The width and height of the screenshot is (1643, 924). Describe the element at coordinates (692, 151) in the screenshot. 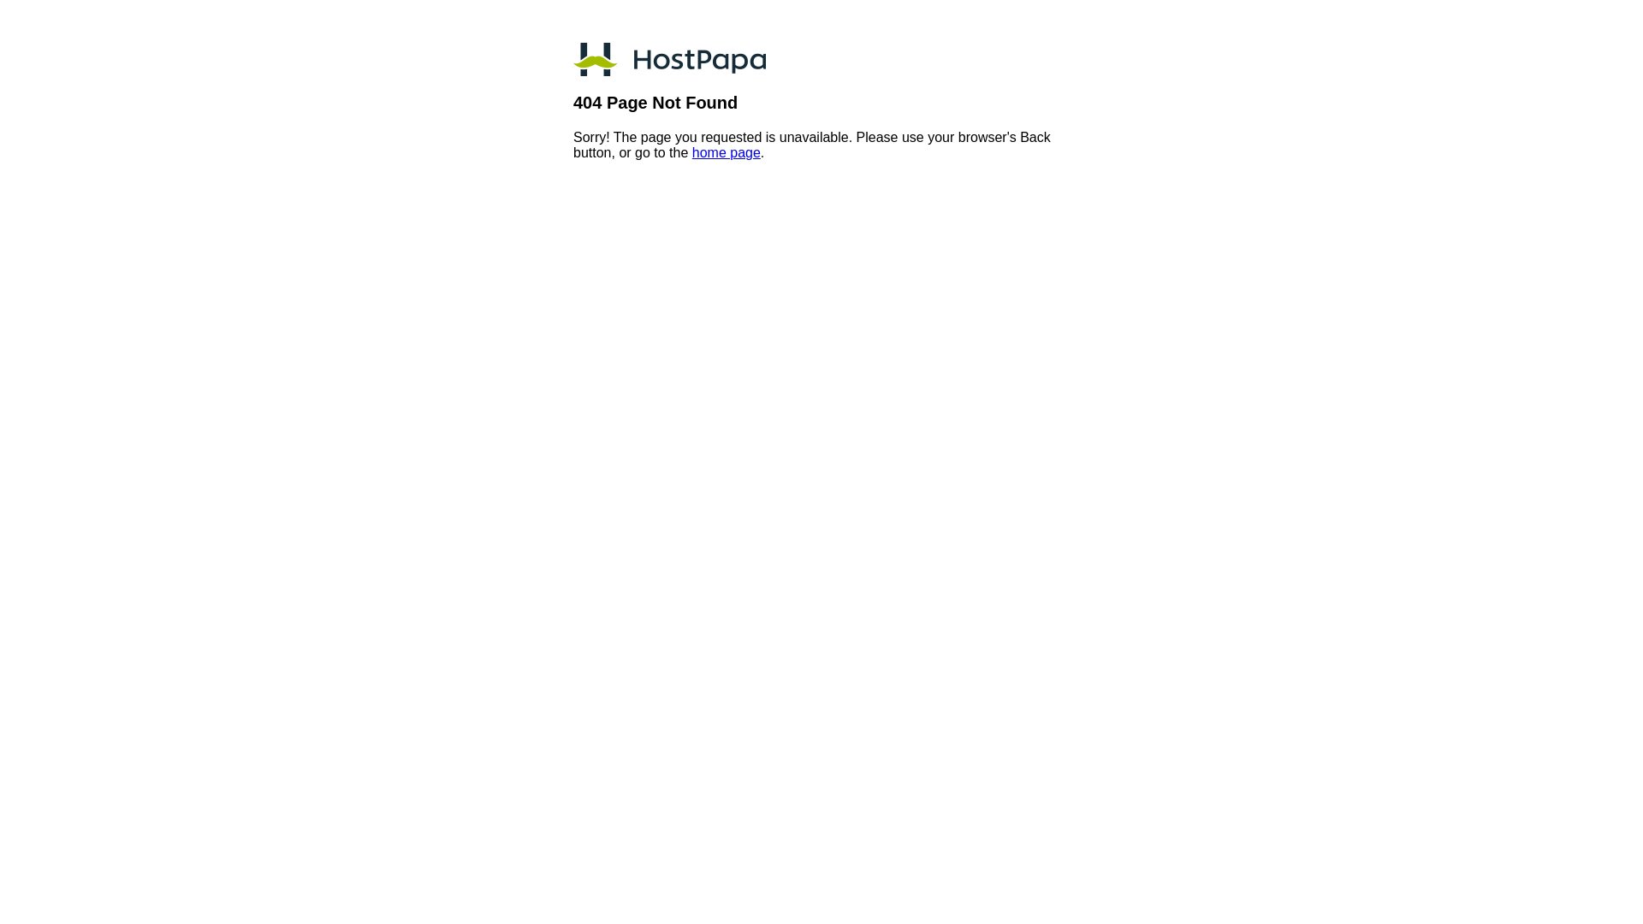

I see `'home page'` at that location.